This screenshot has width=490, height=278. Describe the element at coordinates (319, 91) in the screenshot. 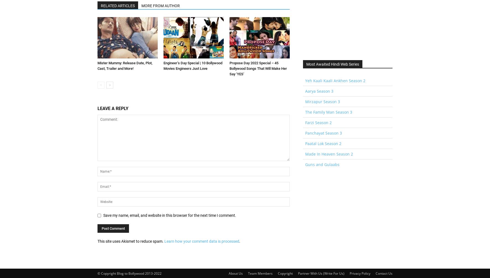

I see `'Aarya Season 3'` at that location.